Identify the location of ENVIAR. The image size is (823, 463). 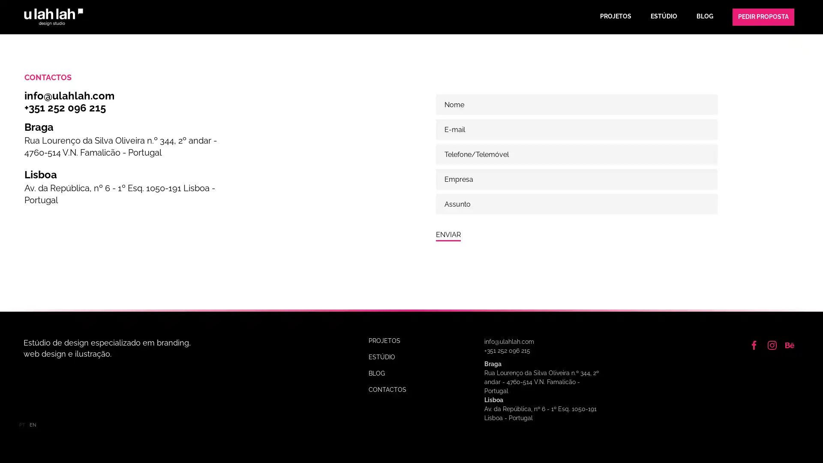
(448, 235).